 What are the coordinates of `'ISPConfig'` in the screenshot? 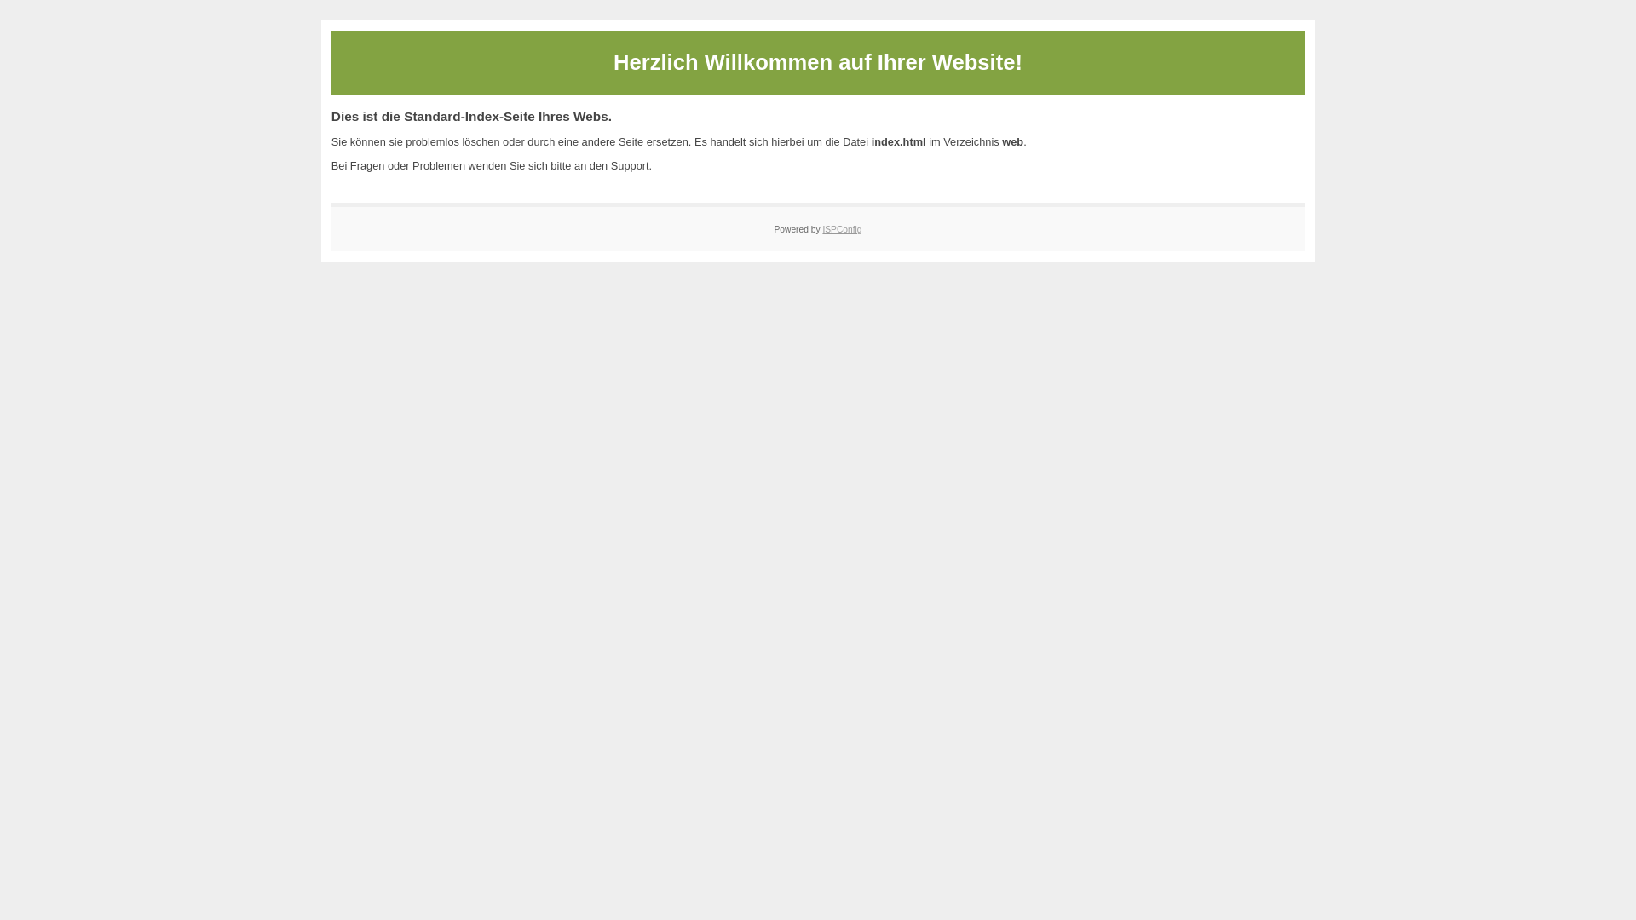 It's located at (821, 228).